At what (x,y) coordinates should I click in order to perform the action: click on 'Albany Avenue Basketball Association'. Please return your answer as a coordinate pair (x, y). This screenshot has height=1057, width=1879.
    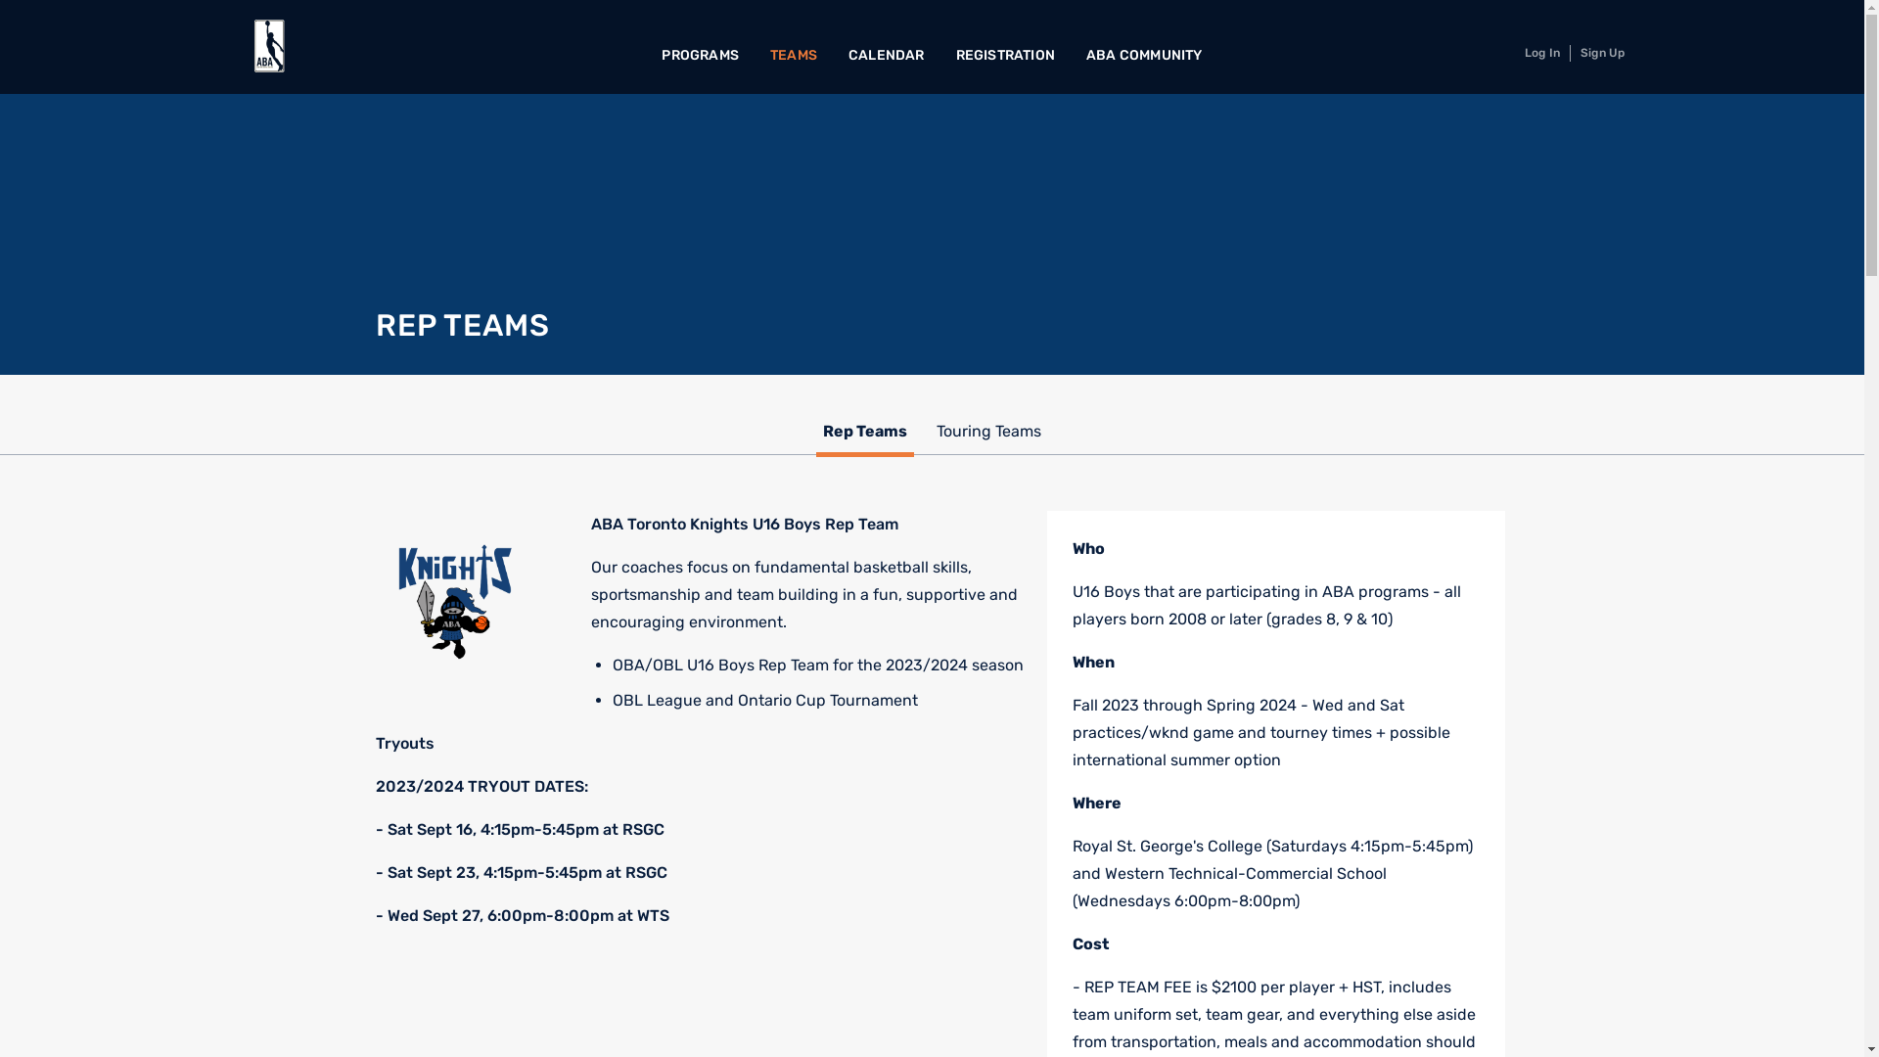
    Looking at the image, I should click on (268, 46).